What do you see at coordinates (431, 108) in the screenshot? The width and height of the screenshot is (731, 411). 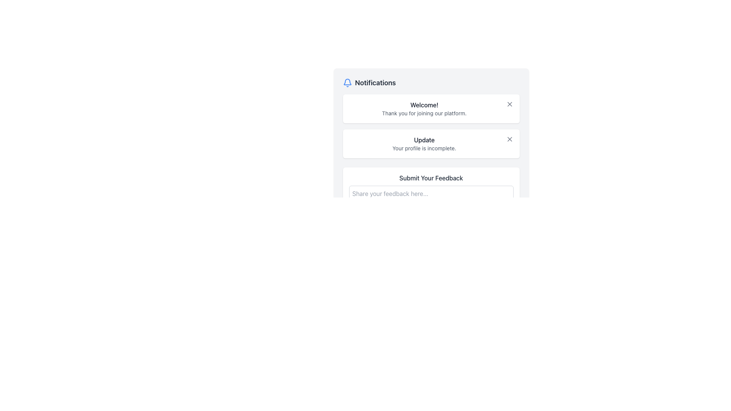 I see `the welcome notification informational card located at the top of the notification stack` at bounding box center [431, 108].